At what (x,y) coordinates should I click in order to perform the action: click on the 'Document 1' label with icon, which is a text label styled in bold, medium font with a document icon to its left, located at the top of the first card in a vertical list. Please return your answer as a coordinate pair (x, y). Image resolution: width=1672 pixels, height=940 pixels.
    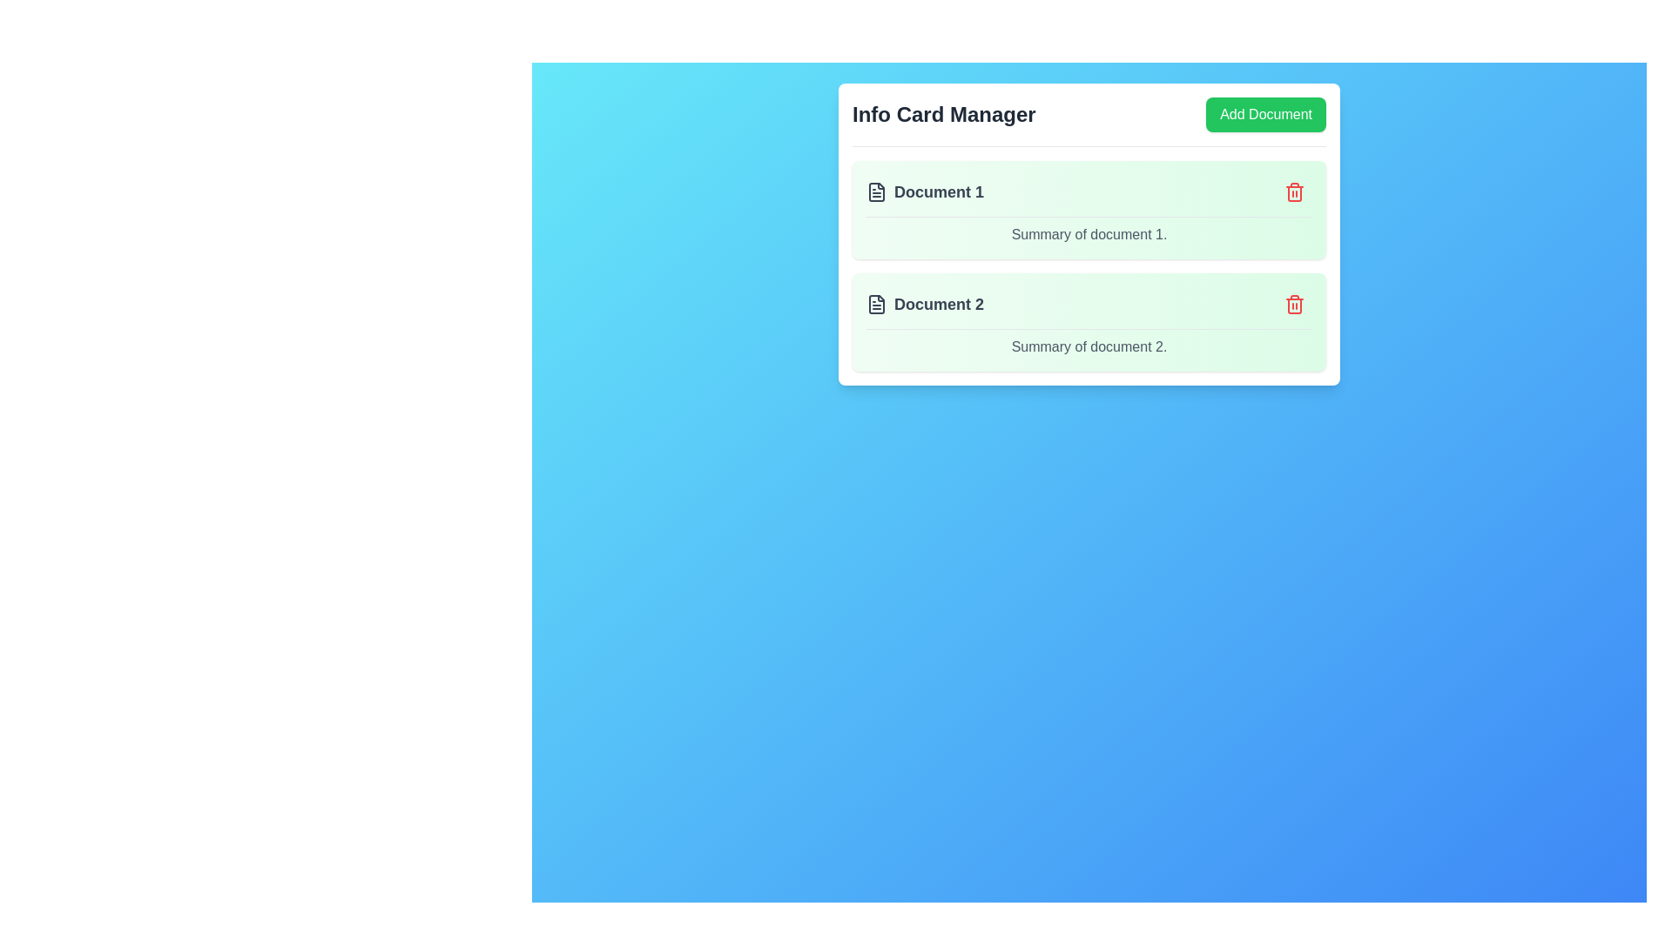
    Looking at the image, I should click on (924, 191).